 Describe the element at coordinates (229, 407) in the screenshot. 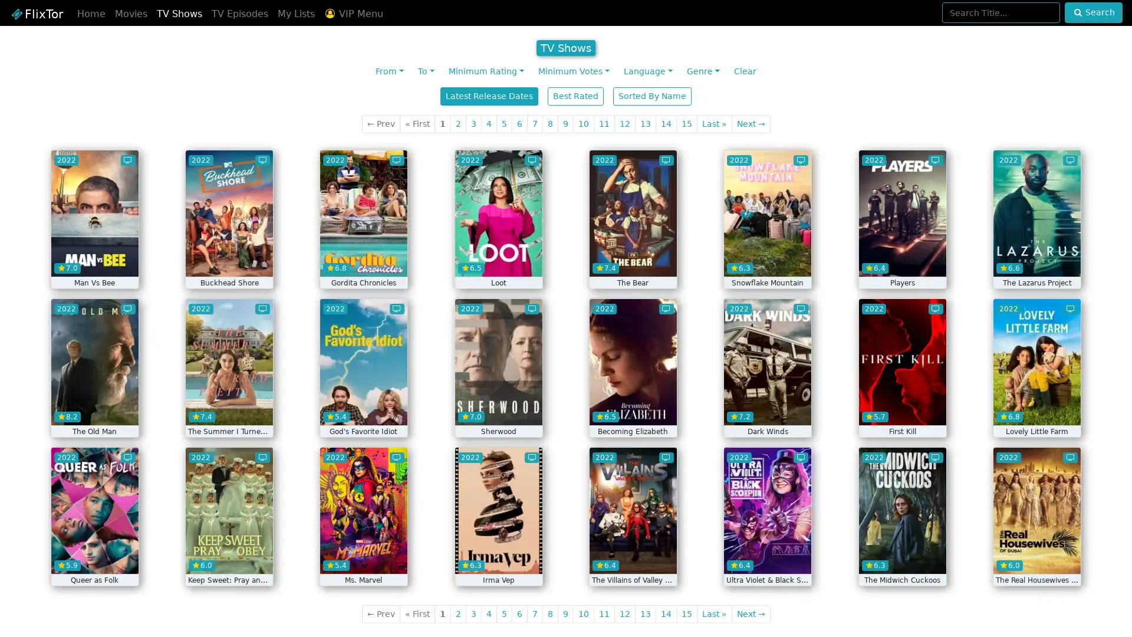

I see `Watch Now` at that location.